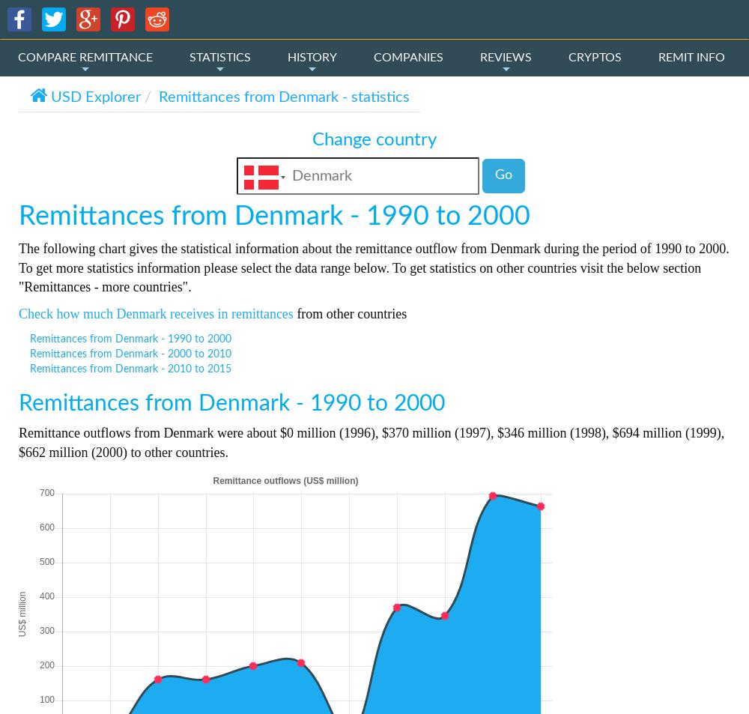 The width and height of the screenshot is (749, 714). What do you see at coordinates (130, 353) in the screenshot?
I see `'Remittances from Denmark - 2000 to 2010'` at bounding box center [130, 353].